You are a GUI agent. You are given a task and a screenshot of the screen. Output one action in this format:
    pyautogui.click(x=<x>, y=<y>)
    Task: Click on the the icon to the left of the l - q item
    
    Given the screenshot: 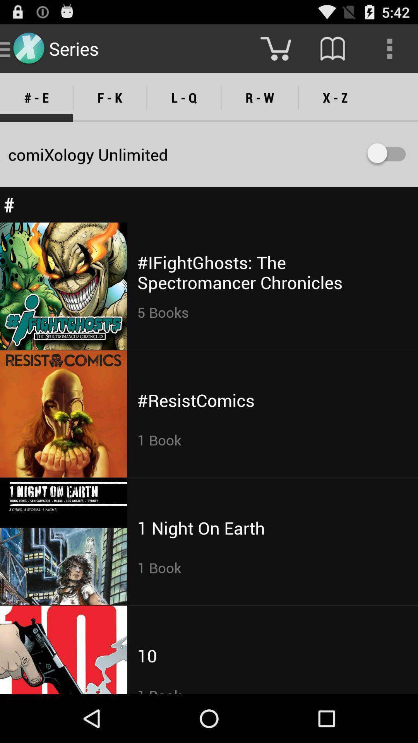 What is the action you would take?
    pyautogui.click(x=110, y=97)
    